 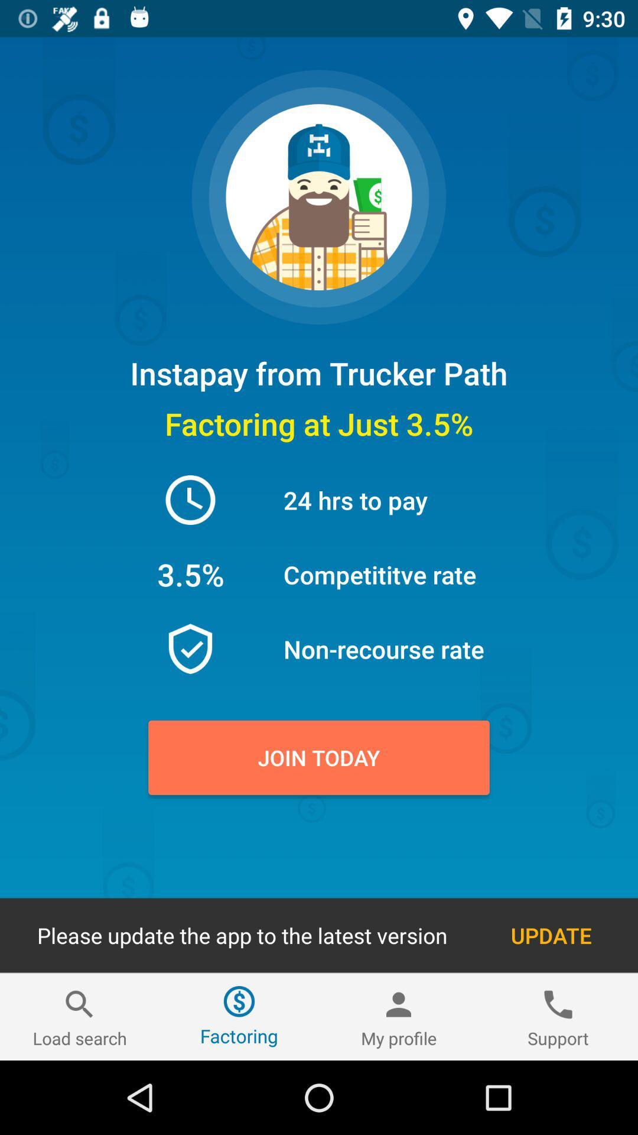 I want to click on icon to the left of the support item, so click(x=399, y=1016).